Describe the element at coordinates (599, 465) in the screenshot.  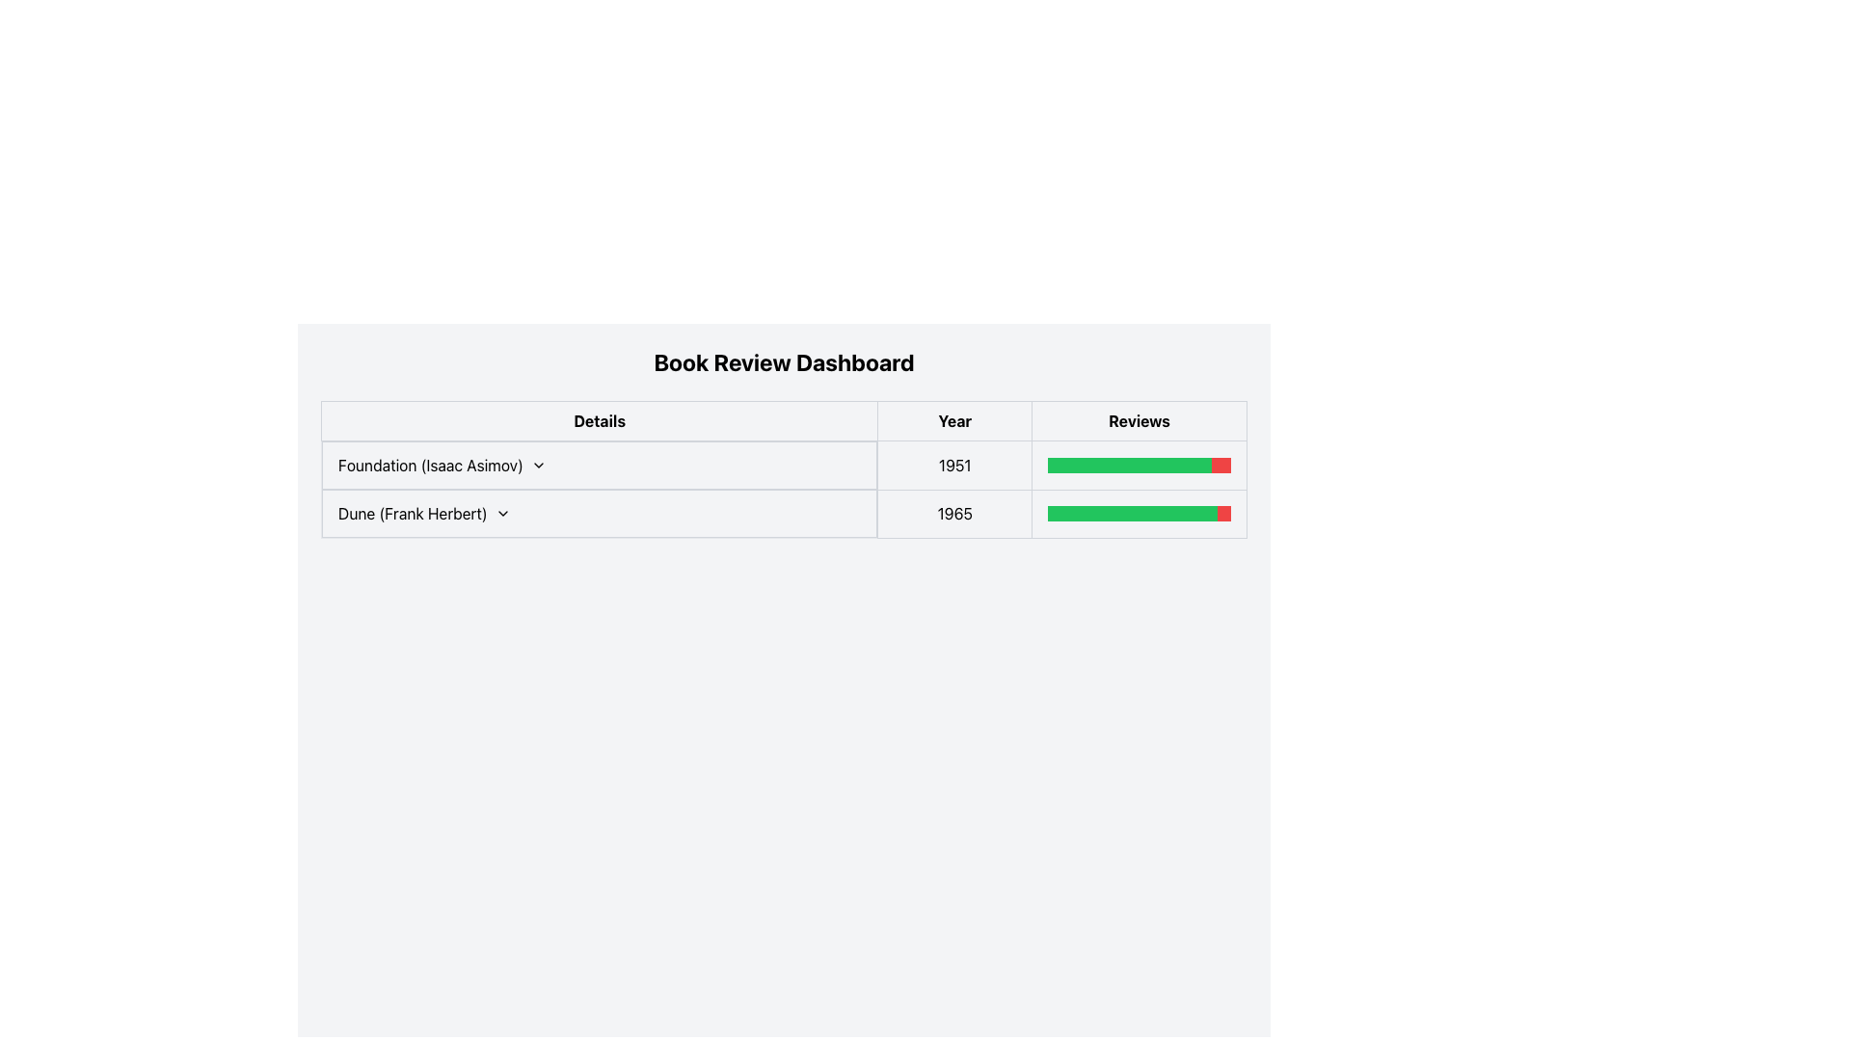
I see `the button labeled 'Foundation (Isaac Asimov)'` at that location.